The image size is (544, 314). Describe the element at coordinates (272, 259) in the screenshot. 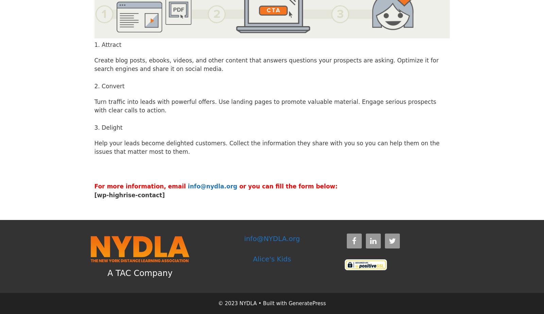

I see `'Alice's Kids'` at that location.